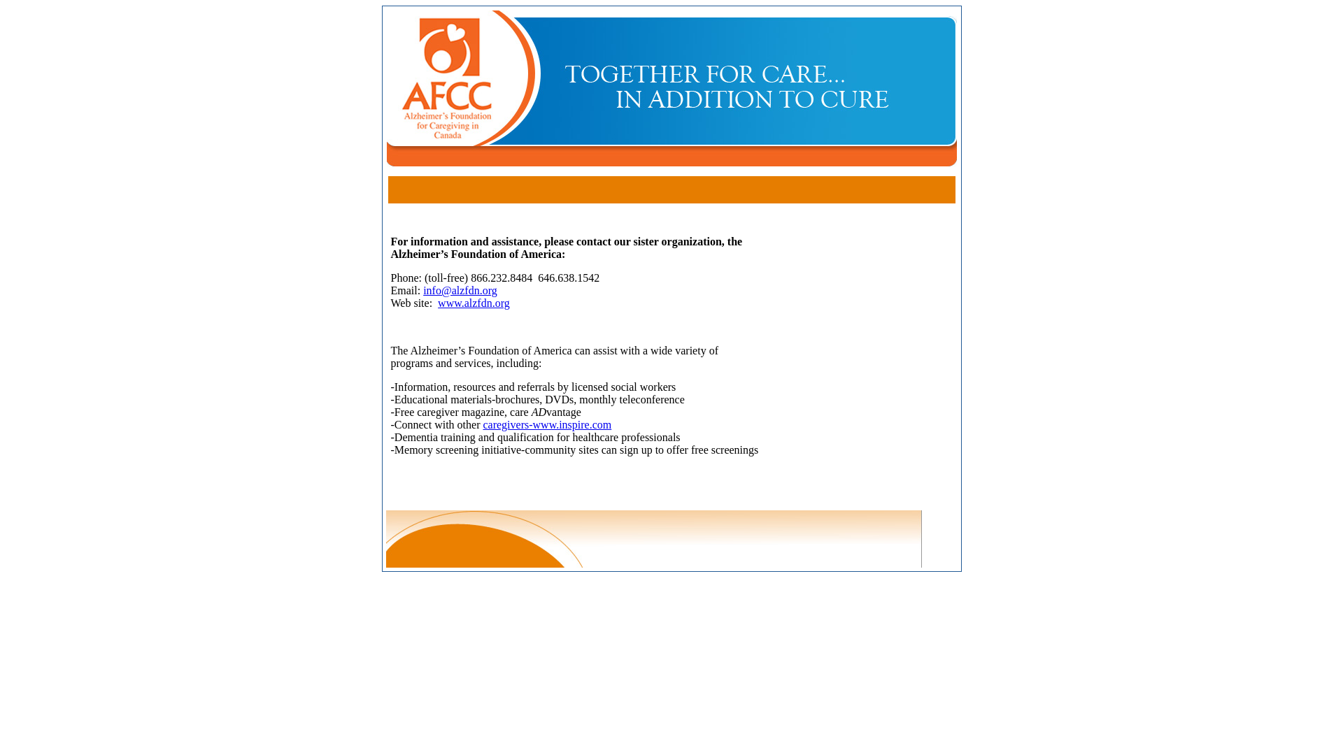 Image resolution: width=1343 pixels, height=755 pixels. I want to click on 'caregivers-www.inspire.com', so click(483, 424).